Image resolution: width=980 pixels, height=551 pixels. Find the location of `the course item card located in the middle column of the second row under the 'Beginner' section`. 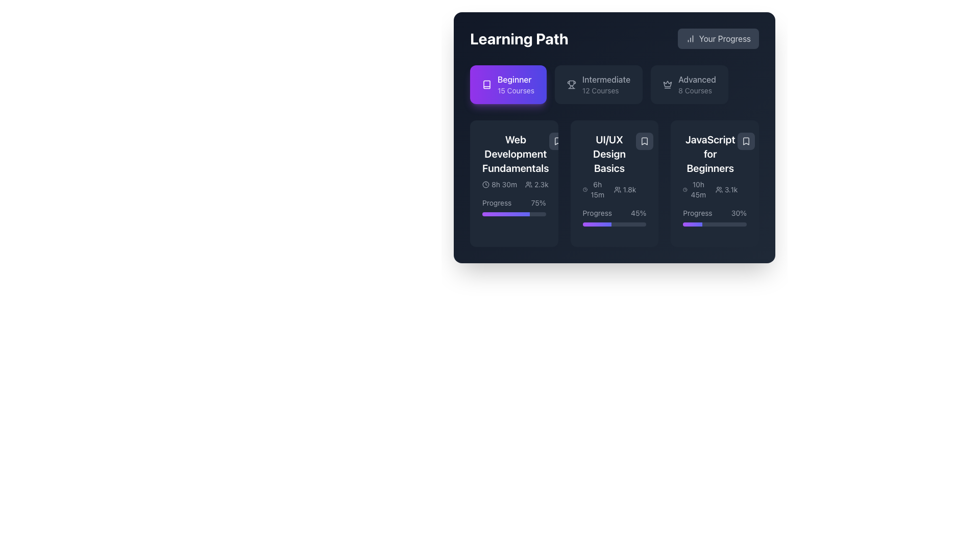

the course item card located in the middle column of the second row under the 'Beginner' section is located at coordinates (609, 166).